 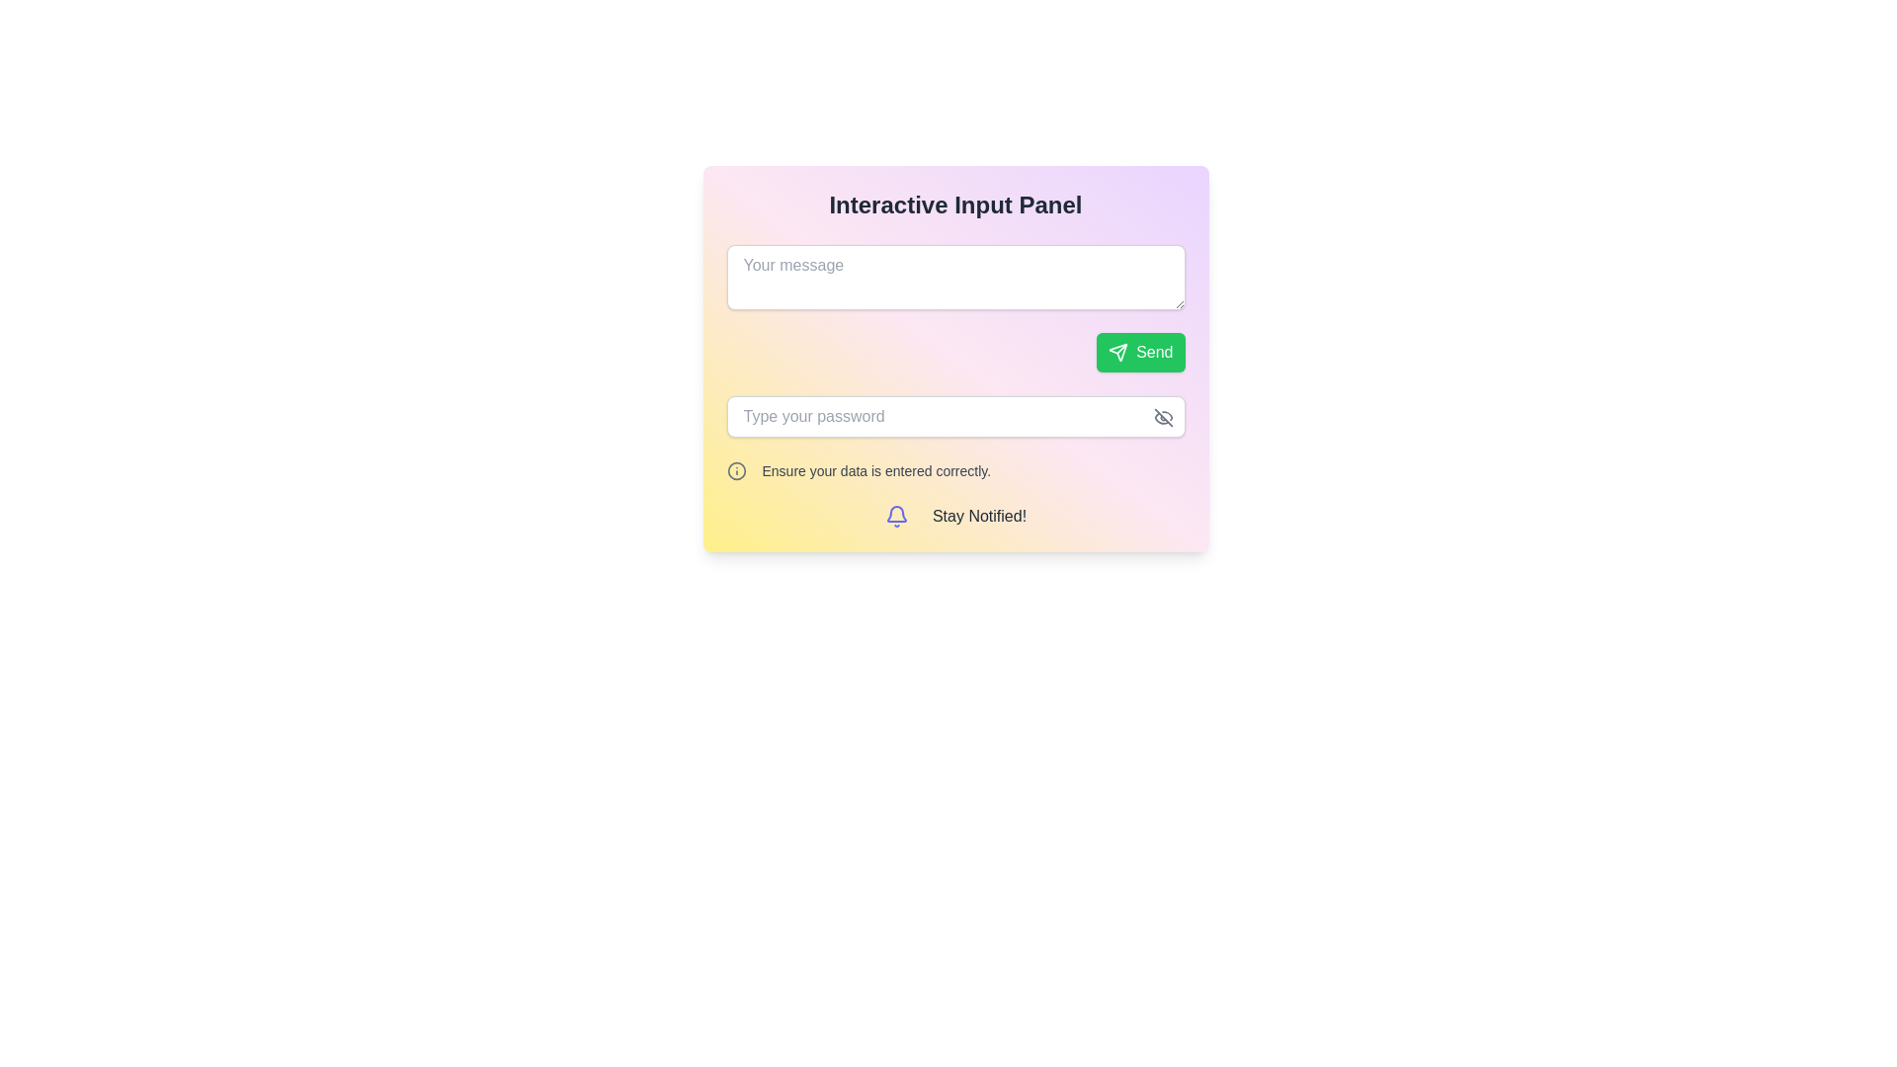 What do you see at coordinates (955, 471) in the screenshot?
I see `the informational message element that contains the icon and the text 'Ensure your data is entered correctly.'` at bounding box center [955, 471].